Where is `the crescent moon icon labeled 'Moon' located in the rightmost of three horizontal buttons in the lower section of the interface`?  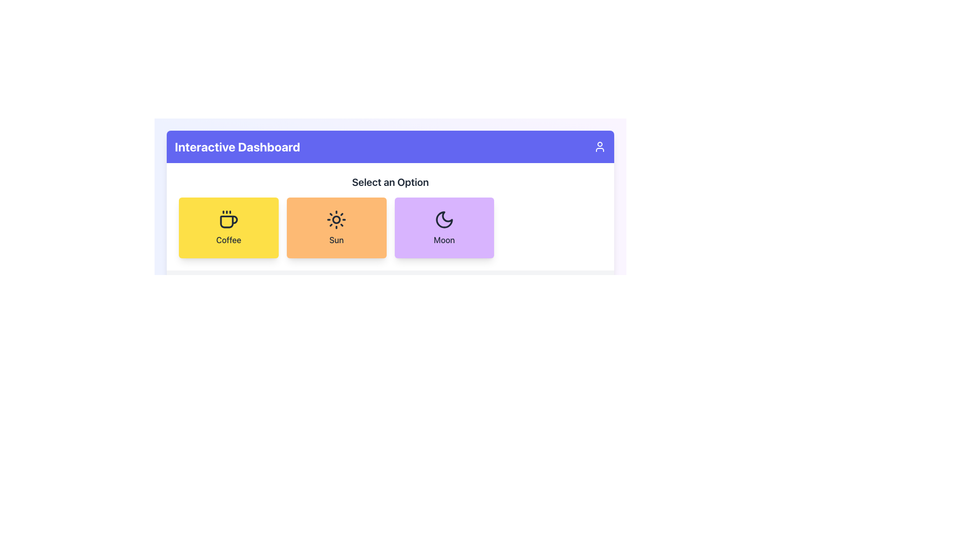 the crescent moon icon labeled 'Moon' located in the rightmost of three horizontal buttons in the lower section of the interface is located at coordinates (444, 219).